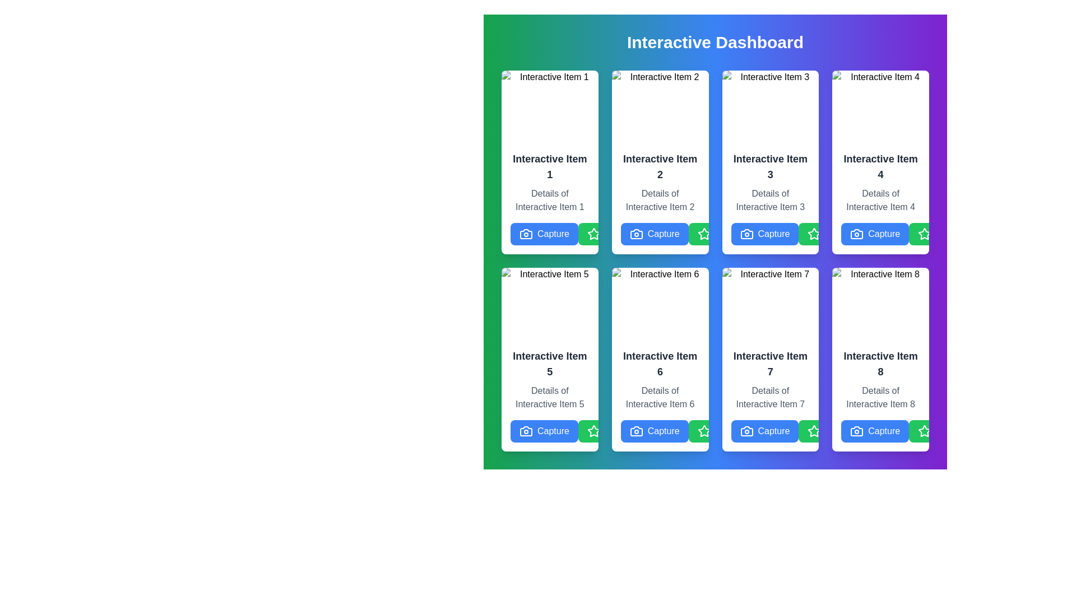 Image resolution: width=1076 pixels, height=605 pixels. Describe the element at coordinates (769, 397) in the screenshot. I see `the text block displaying 'Details of Interactive Item 7', which is styled as a subtitle directly below the header 'Interactive Item 7'` at that location.